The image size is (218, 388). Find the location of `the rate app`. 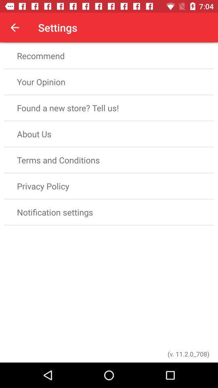

the rate app is located at coordinates (109, 30).